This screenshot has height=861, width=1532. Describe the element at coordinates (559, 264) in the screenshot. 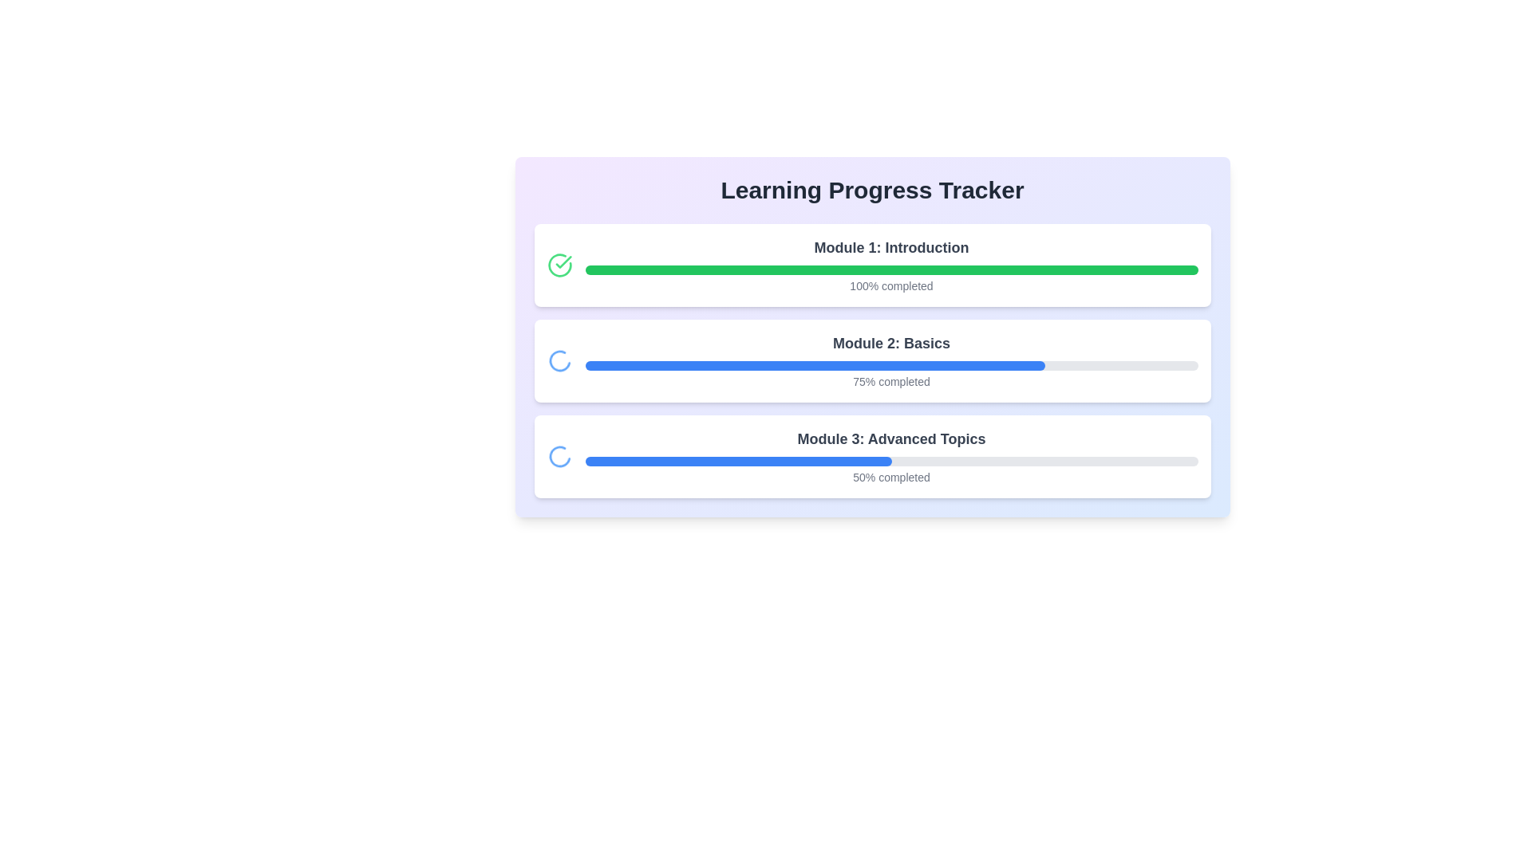

I see `the green checkmark icon inside a circular outline, which indicates completion status for 'Module 1: Introduction'` at that location.